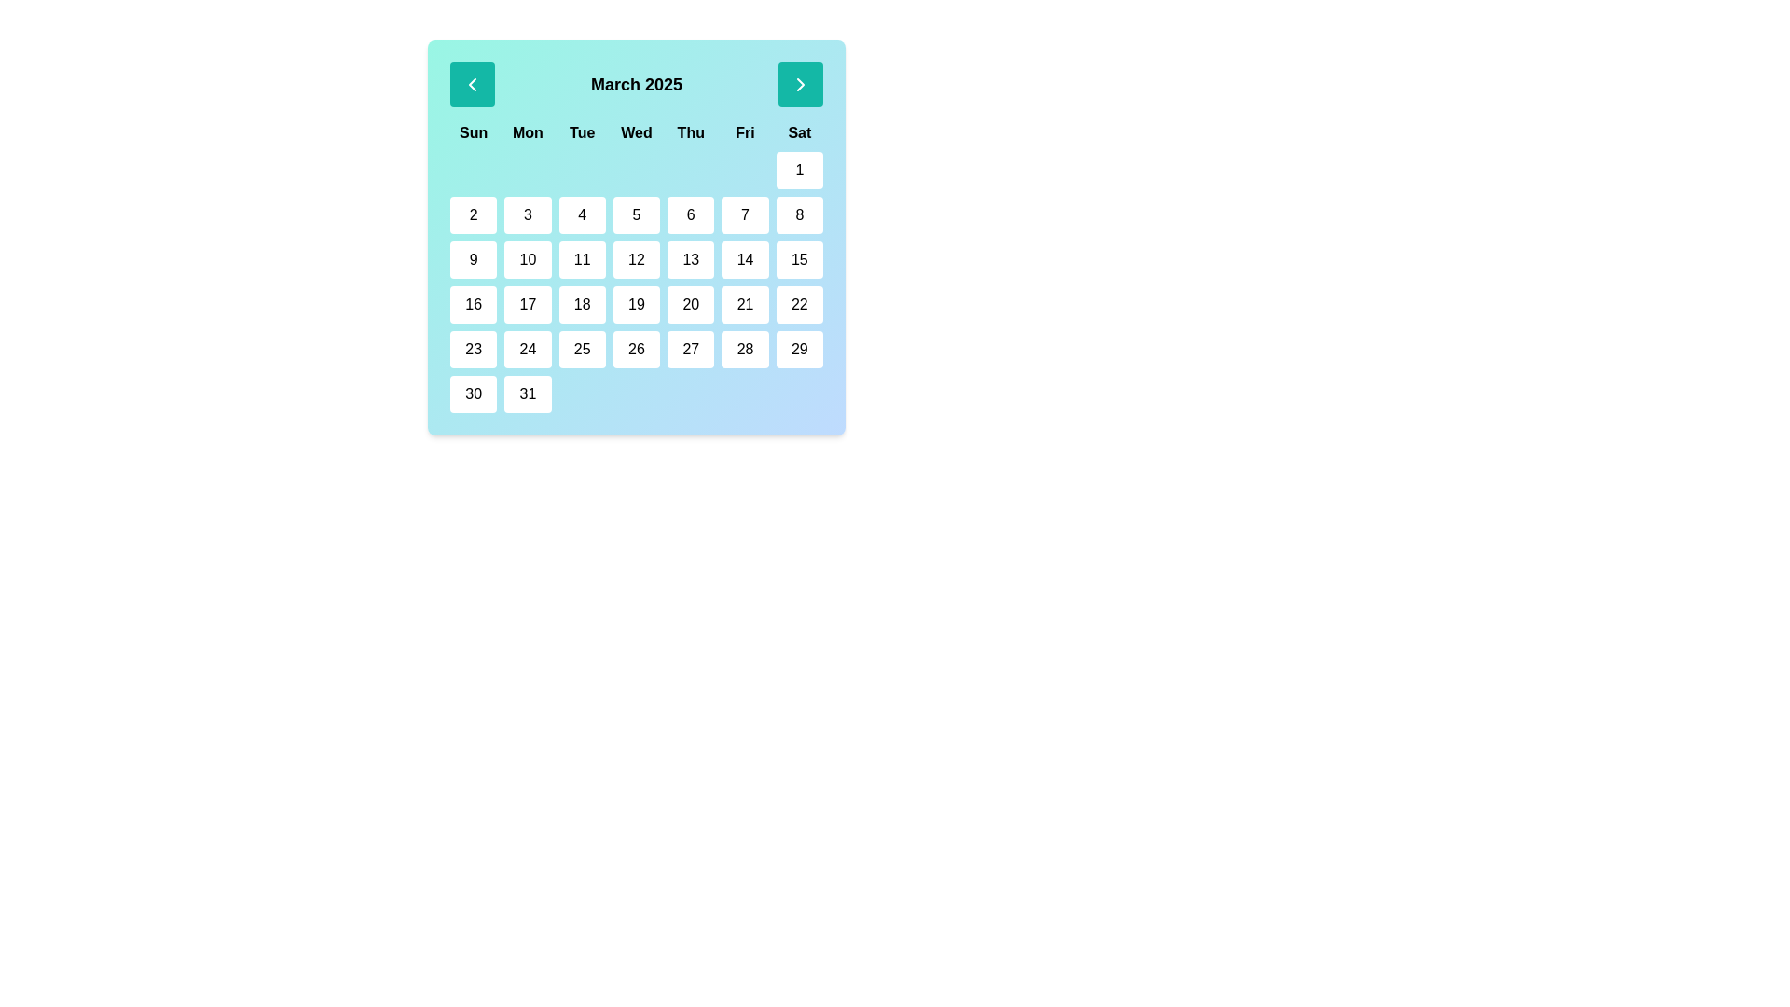  What do you see at coordinates (801, 85) in the screenshot?
I see `the small rightward-pointing arrow icon located at the top-right corner of the calendar interface` at bounding box center [801, 85].